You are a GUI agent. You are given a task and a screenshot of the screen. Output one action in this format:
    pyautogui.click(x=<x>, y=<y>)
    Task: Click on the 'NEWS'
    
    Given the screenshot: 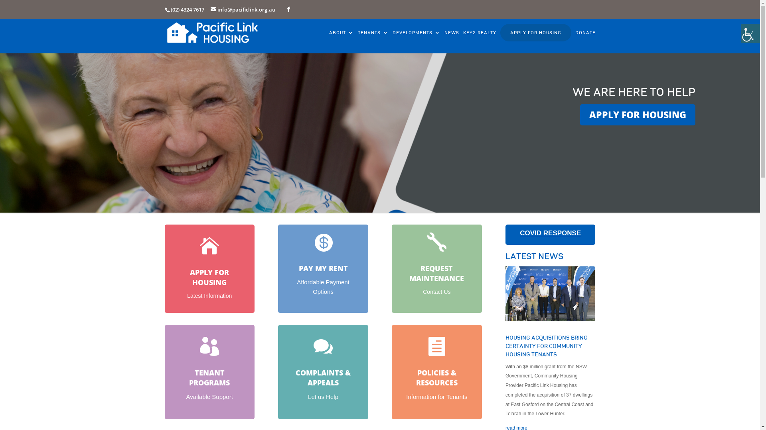 What is the action you would take?
    pyautogui.click(x=452, y=41)
    